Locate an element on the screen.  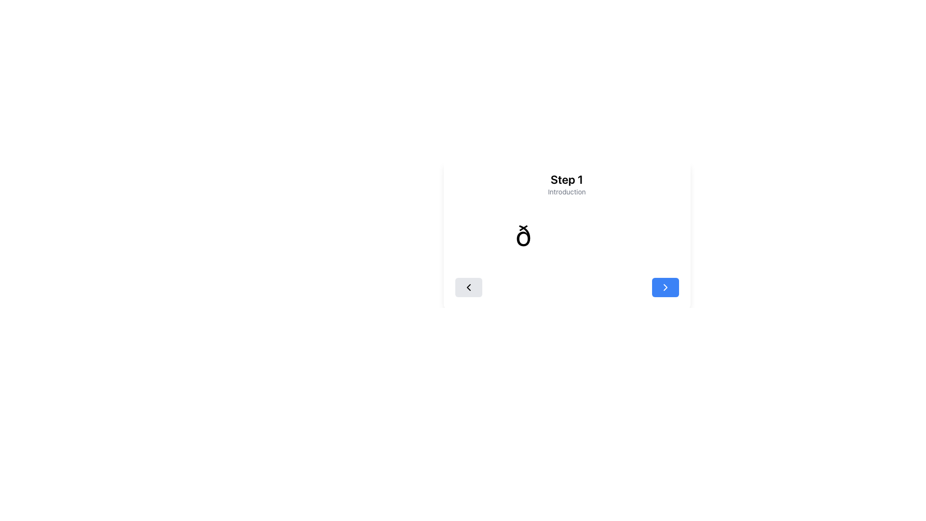
the static text element displaying 'Introduction', which is a small gray sans-serif font located below the bold text 'Step 1' is located at coordinates (567, 192).